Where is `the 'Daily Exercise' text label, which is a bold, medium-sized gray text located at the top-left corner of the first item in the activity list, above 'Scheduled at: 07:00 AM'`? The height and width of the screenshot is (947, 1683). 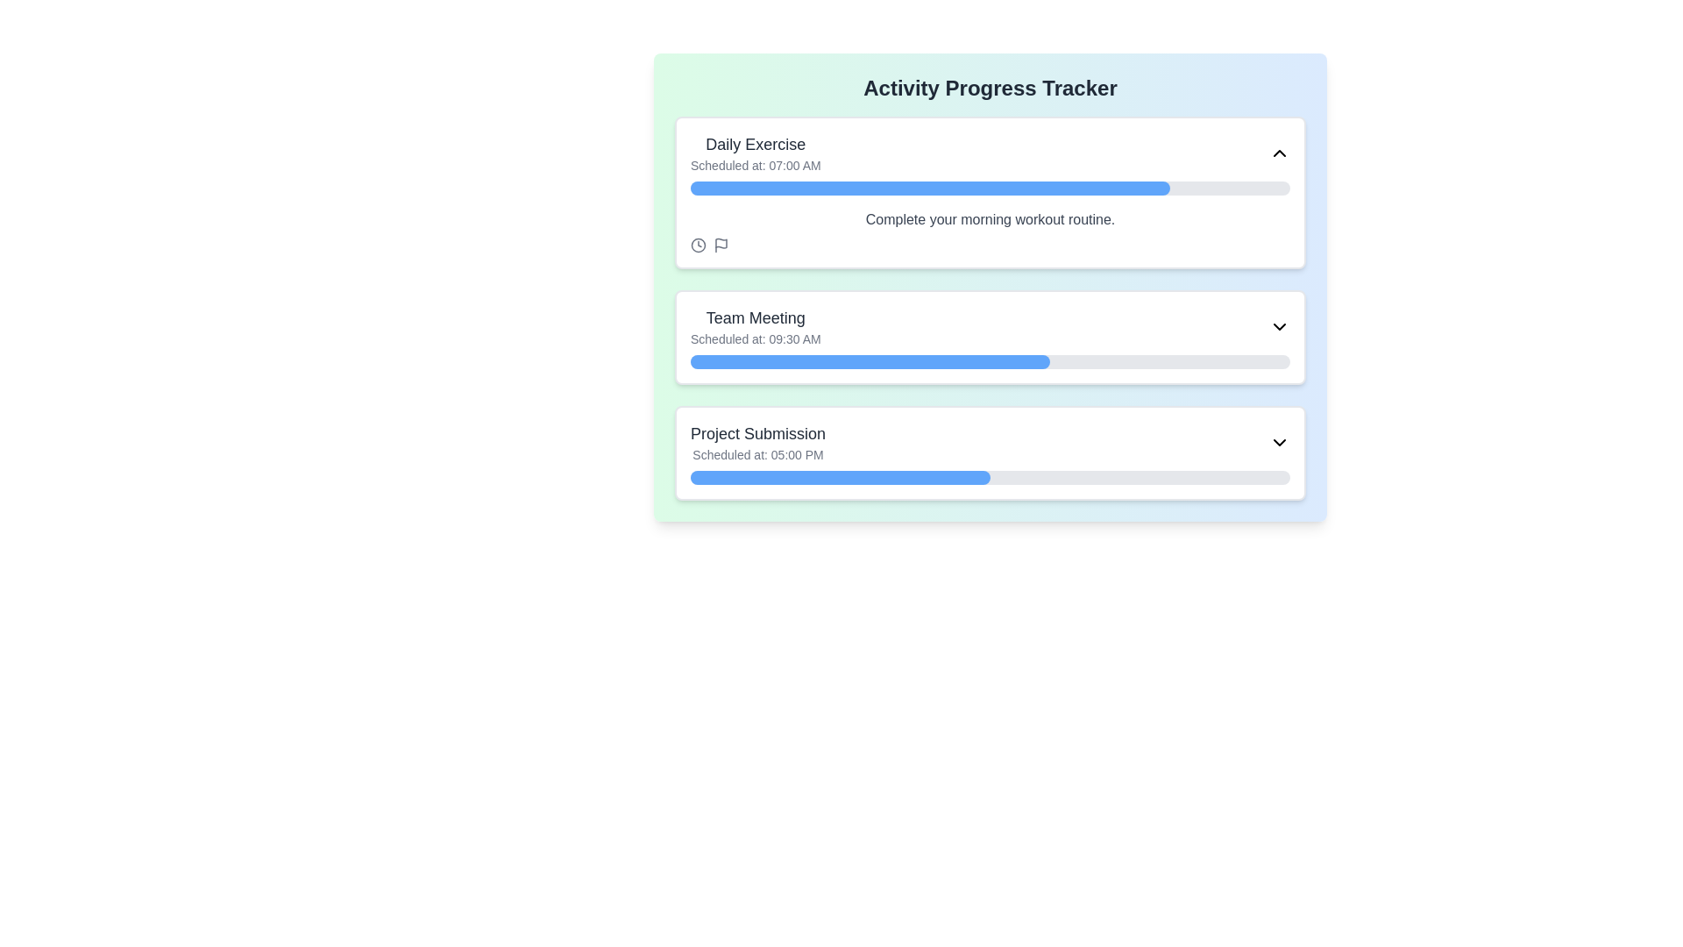 the 'Daily Exercise' text label, which is a bold, medium-sized gray text located at the top-left corner of the first item in the activity list, above 'Scheduled at: 07:00 AM' is located at coordinates (756, 144).